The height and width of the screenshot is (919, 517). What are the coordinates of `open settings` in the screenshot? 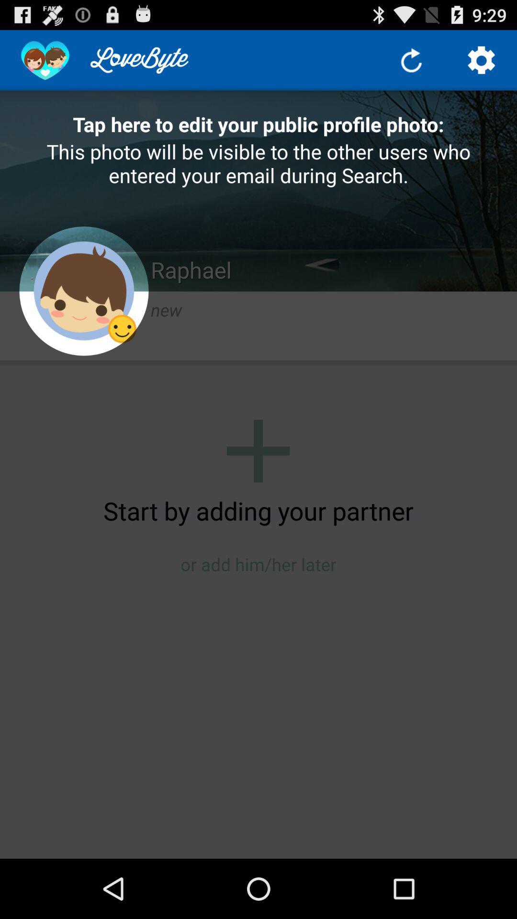 It's located at (482, 59).